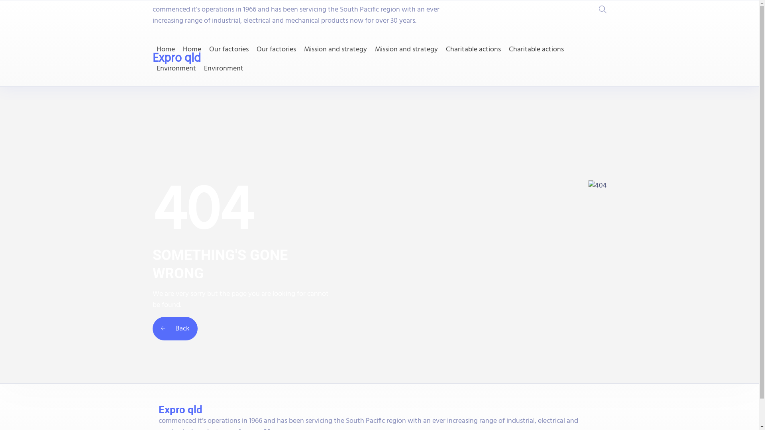 This screenshot has width=765, height=430. What do you see at coordinates (176, 58) in the screenshot?
I see `'Expro qld'` at bounding box center [176, 58].